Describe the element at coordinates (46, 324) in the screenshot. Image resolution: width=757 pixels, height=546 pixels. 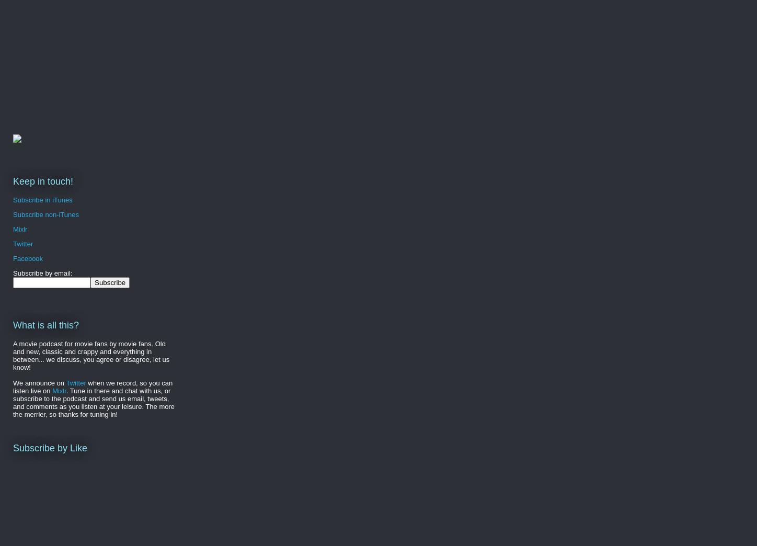
I see `'What is all this?'` at that location.